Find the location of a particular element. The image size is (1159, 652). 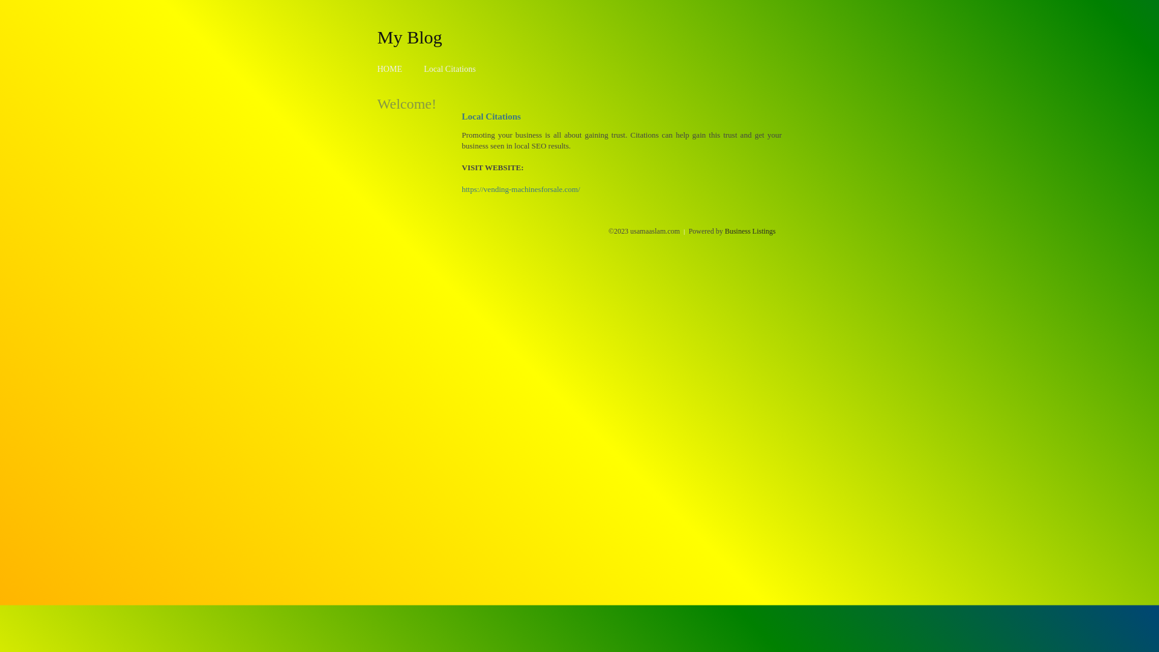

'HOME' is located at coordinates (389, 69).